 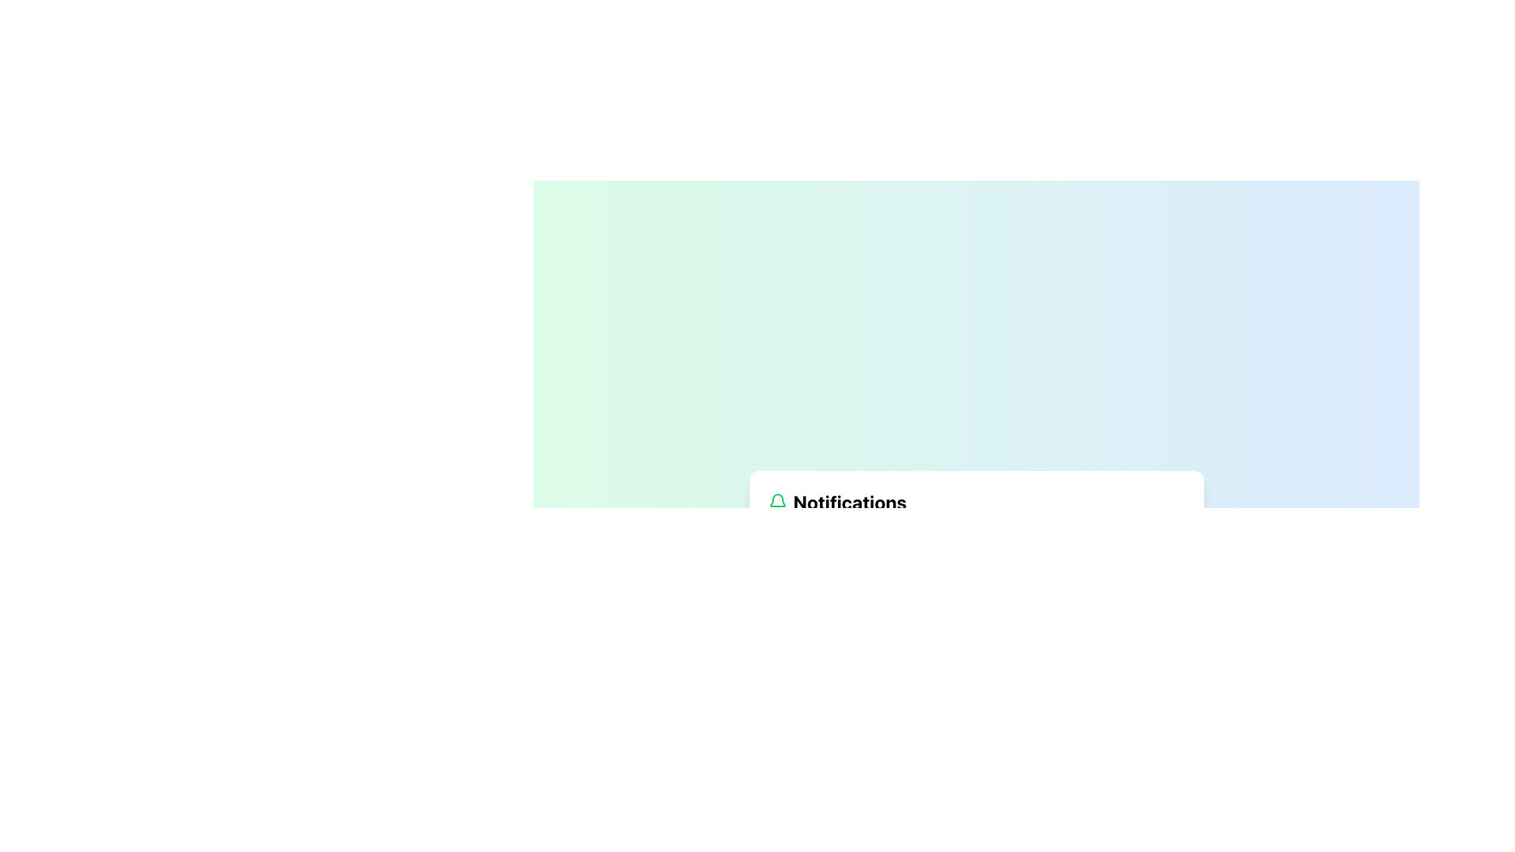 What do you see at coordinates (849, 502) in the screenshot?
I see `the notification section` at bounding box center [849, 502].